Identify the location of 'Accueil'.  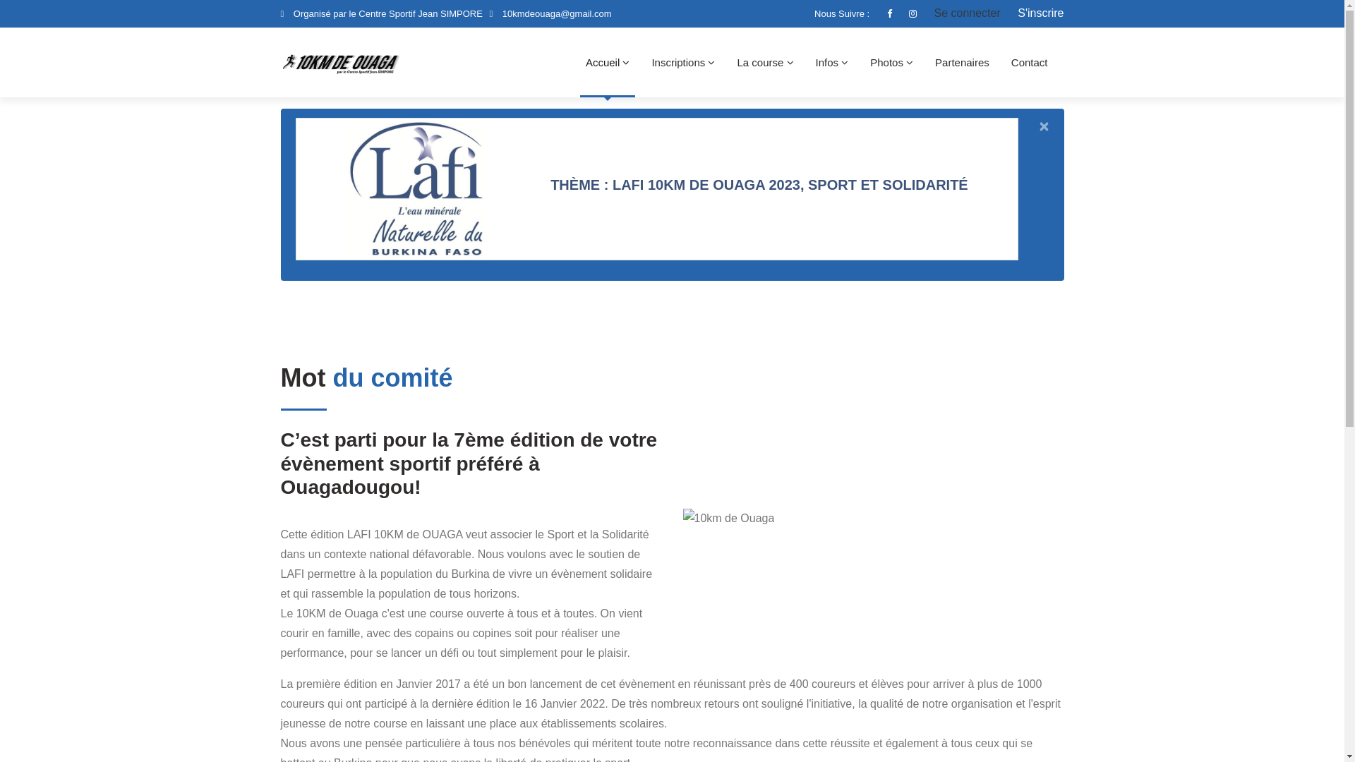
(579, 61).